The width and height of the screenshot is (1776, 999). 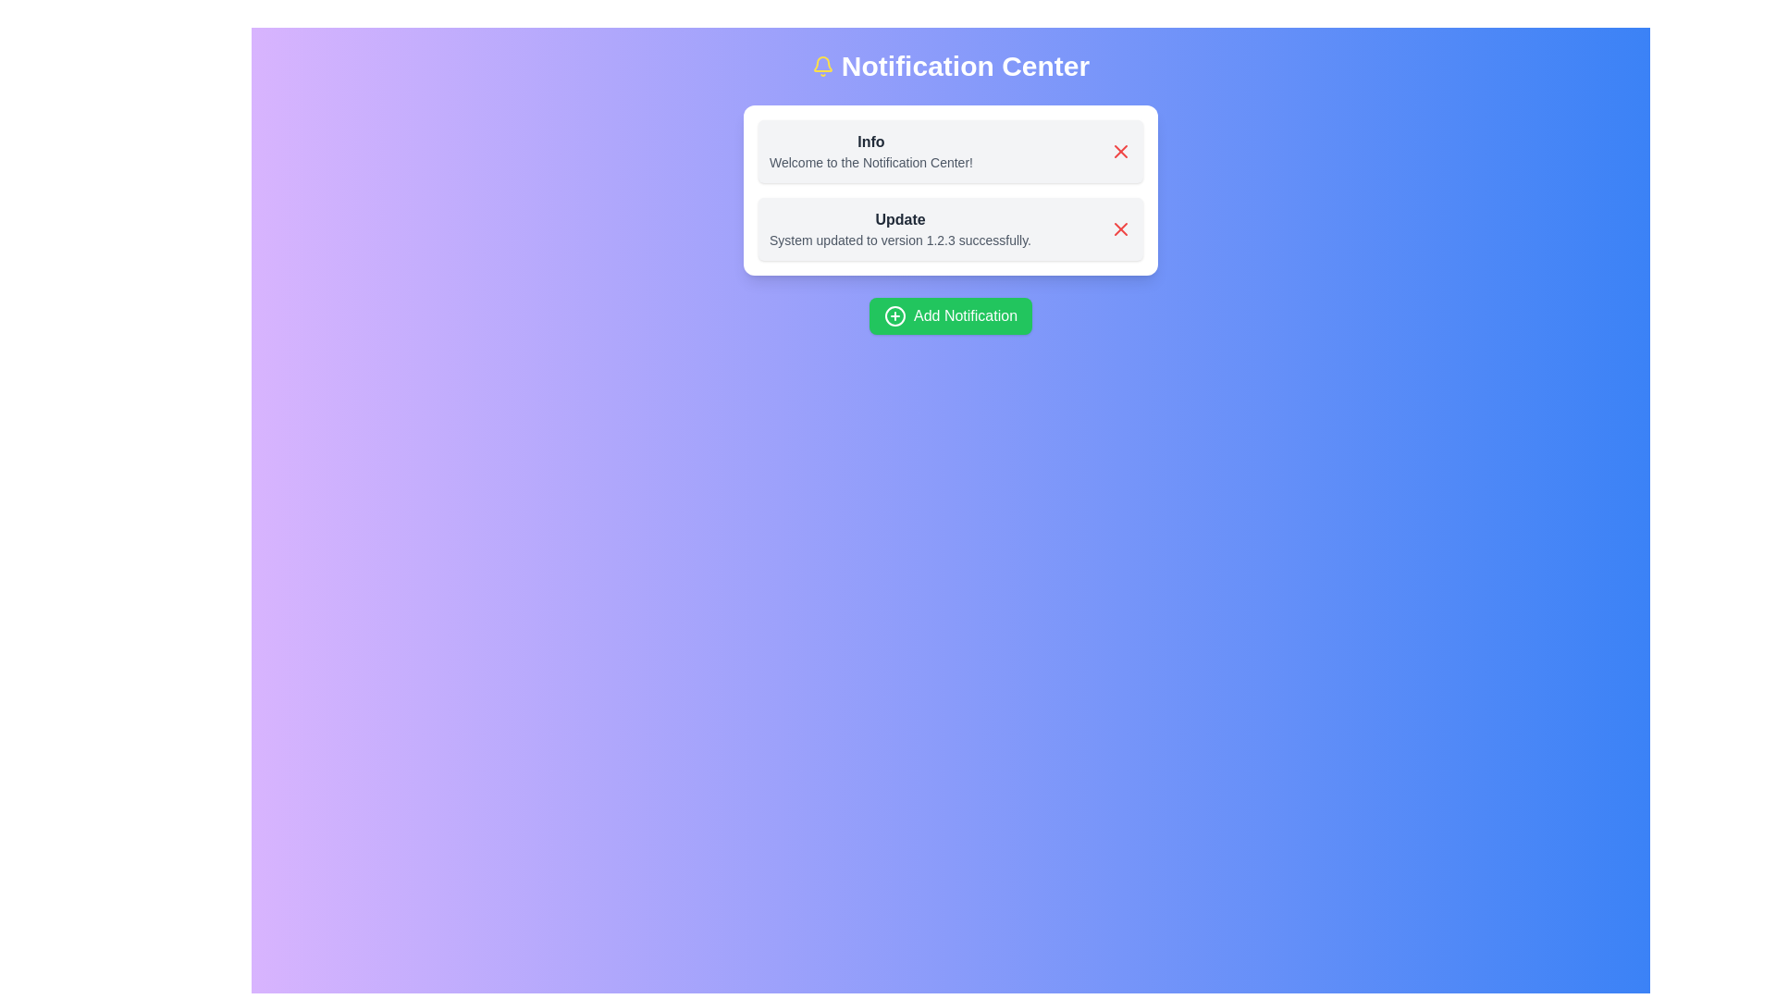 I want to click on the informational text that welcomes the user to the notification center, located below the 'Info' heading and above the close button in the notification card, so click(x=869, y=162).